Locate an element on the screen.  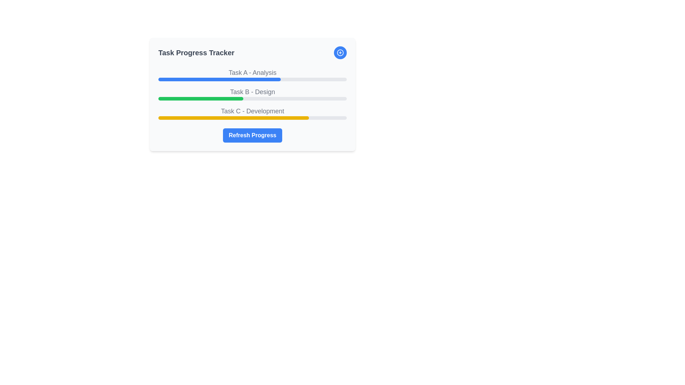
text content of the Text Label element displaying 'Task Progress Tracker', which is styled in bold and located at the top of a box containing progress bars and a button is located at coordinates (196, 52).